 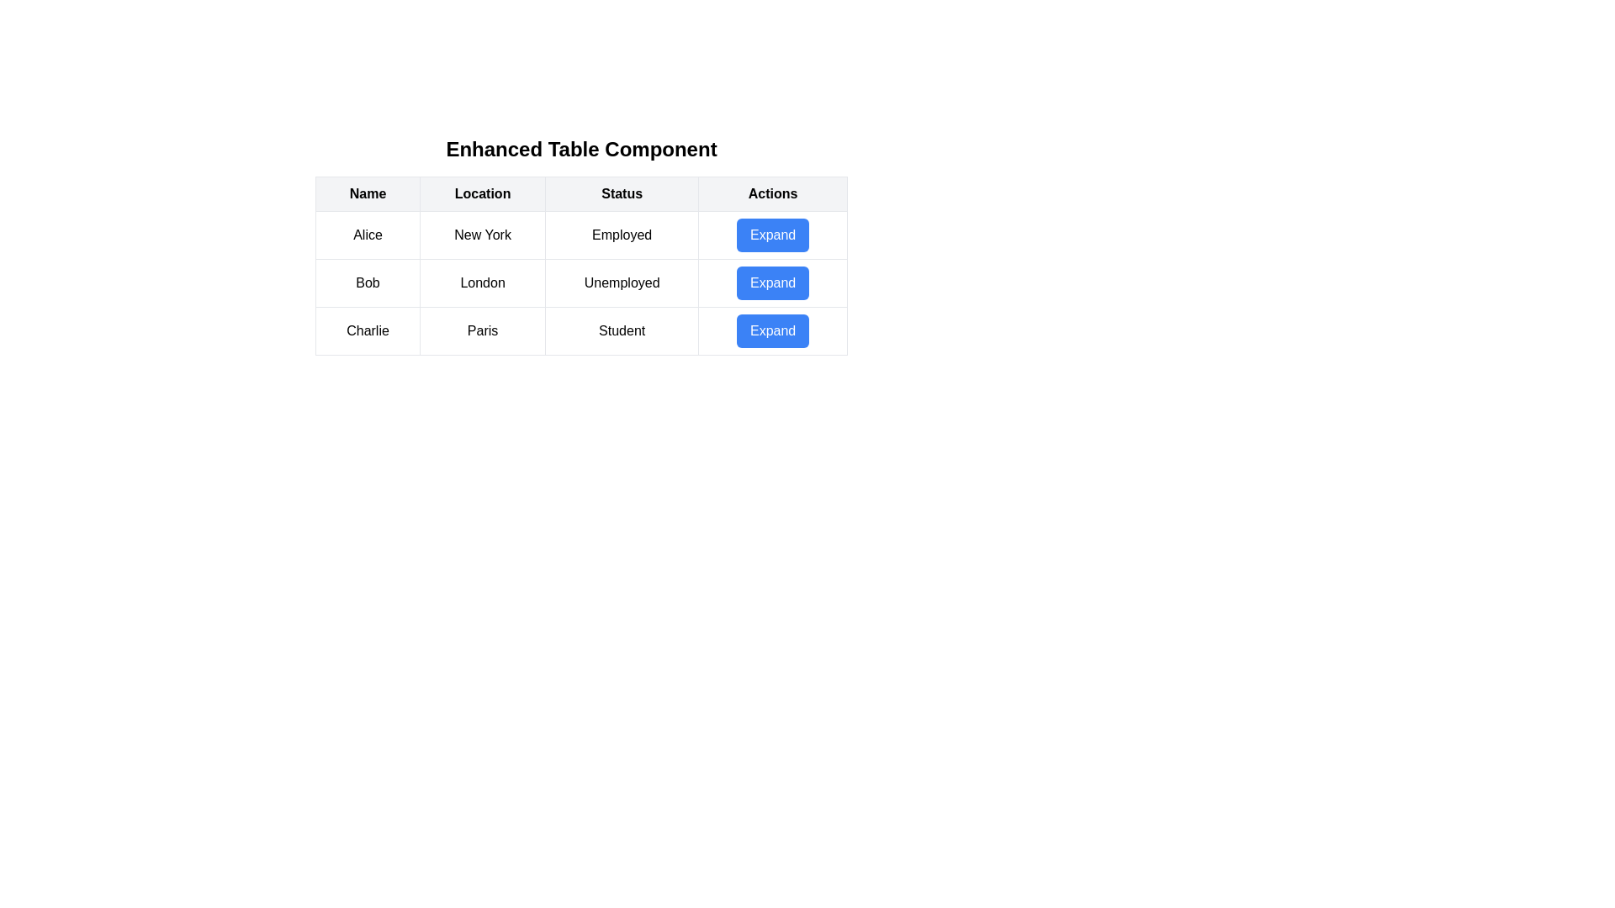 What do you see at coordinates (772, 193) in the screenshot?
I see `the Actions column header label, which is the fourth column header in the table, positioned to the right of the 'Status' header and above the action buttons` at bounding box center [772, 193].